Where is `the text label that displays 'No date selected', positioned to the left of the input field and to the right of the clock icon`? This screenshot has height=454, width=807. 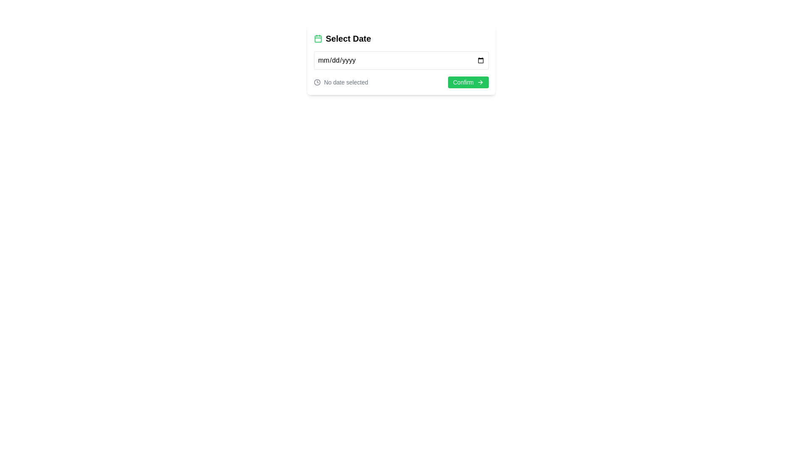
the text label that displays 'No date selected', positioned to the left of the input field and to the right of the clock icon is located at coordinates (346, 82).